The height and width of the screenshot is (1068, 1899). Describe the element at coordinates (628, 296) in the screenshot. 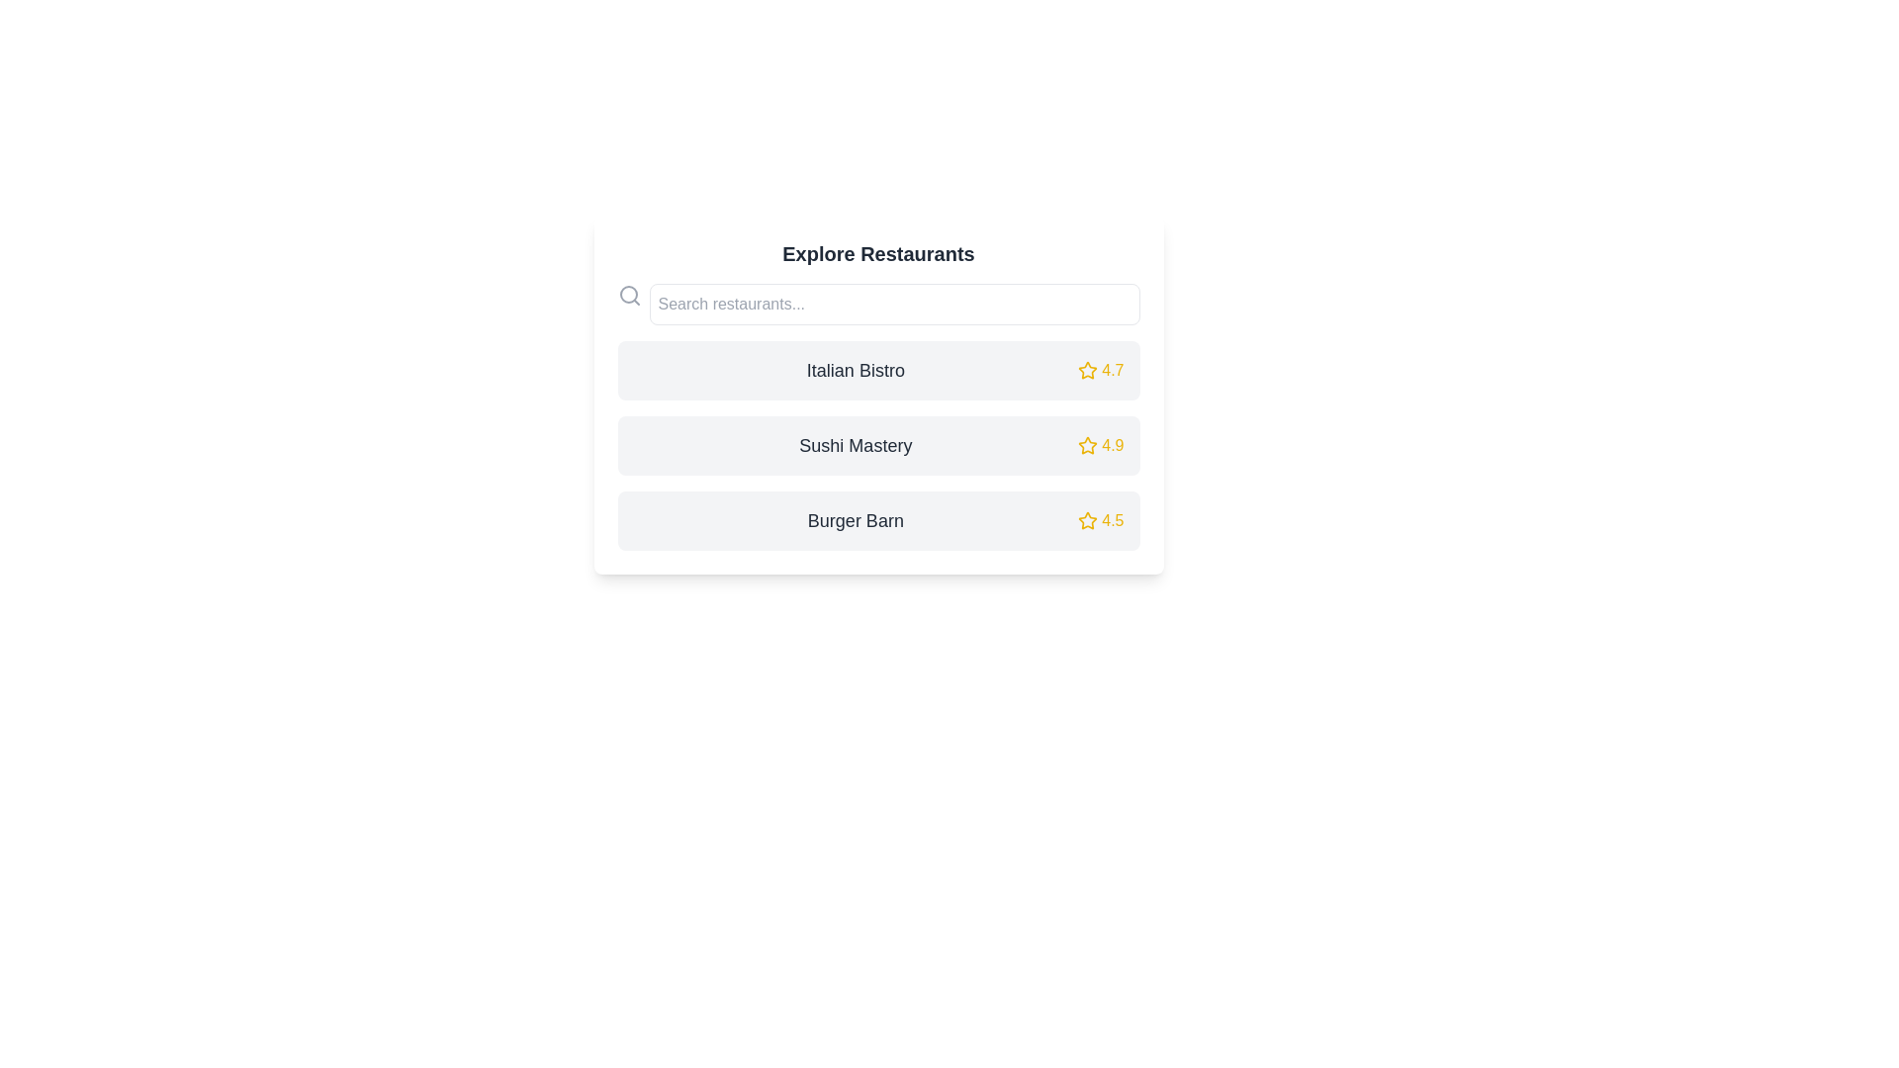

I see `the search icon located at the left end of the horizontal row, adjacent to the 'Search restaurants...' input field` at that location.